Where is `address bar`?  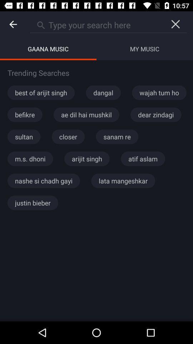
address bar is located at coordinates (96, 24).